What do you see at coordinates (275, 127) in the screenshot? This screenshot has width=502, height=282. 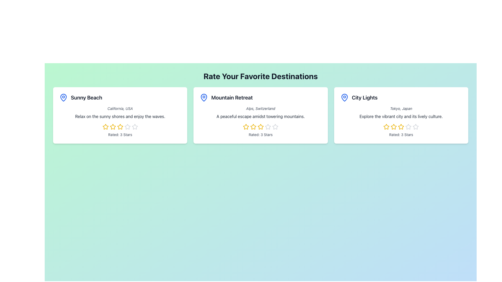 I see `the fifth star icon in the rating system below the 'Mountain Retreat' card, which has a hollow appearance and is part of a group of five stars` at bounding box center [275, 127].